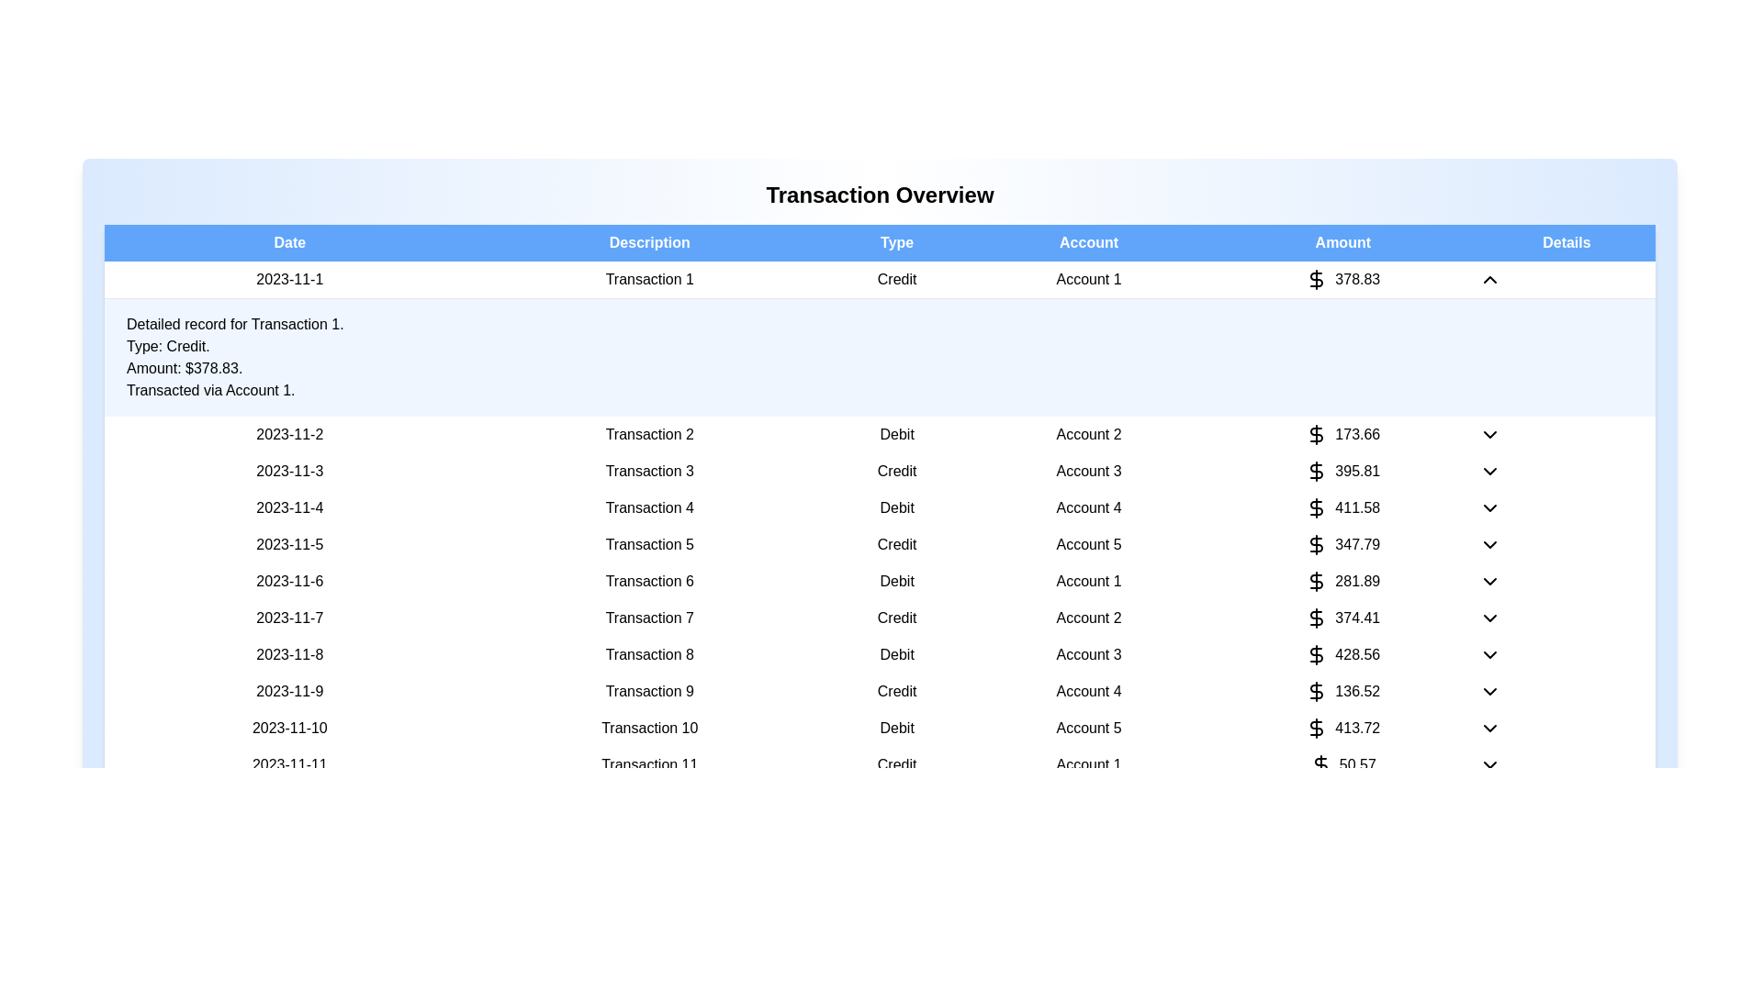 This screenshot has width=1763, height=991. I want to click on the dollar sign icon for the first transaction, so click(1316, 279).